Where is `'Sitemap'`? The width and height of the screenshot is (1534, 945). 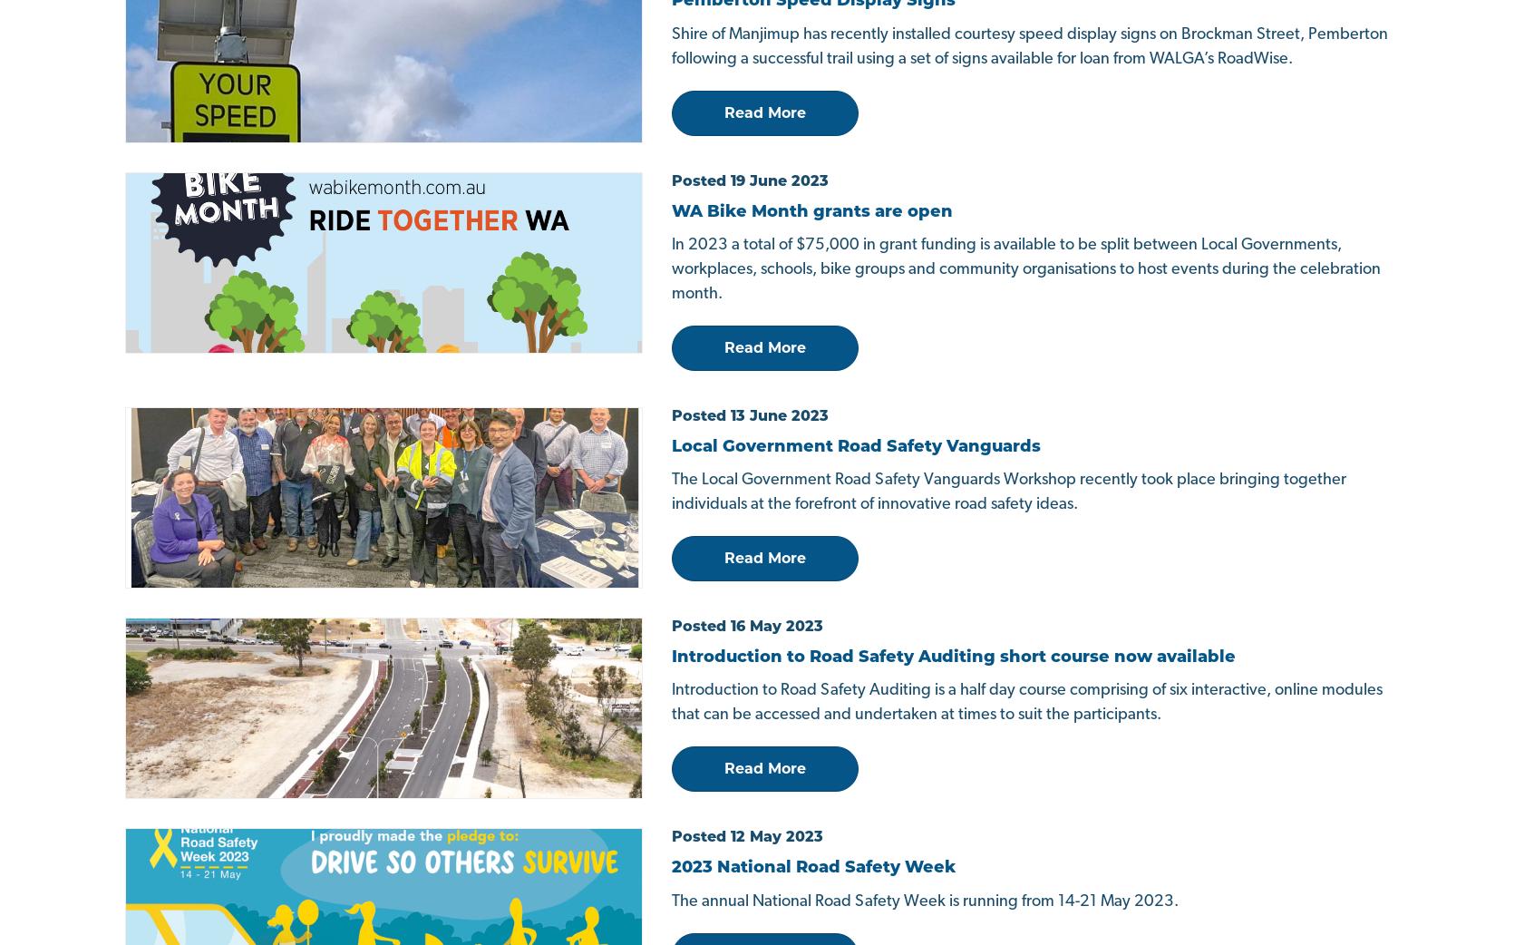 'Sitemap' is located at coordinates (727, 836).